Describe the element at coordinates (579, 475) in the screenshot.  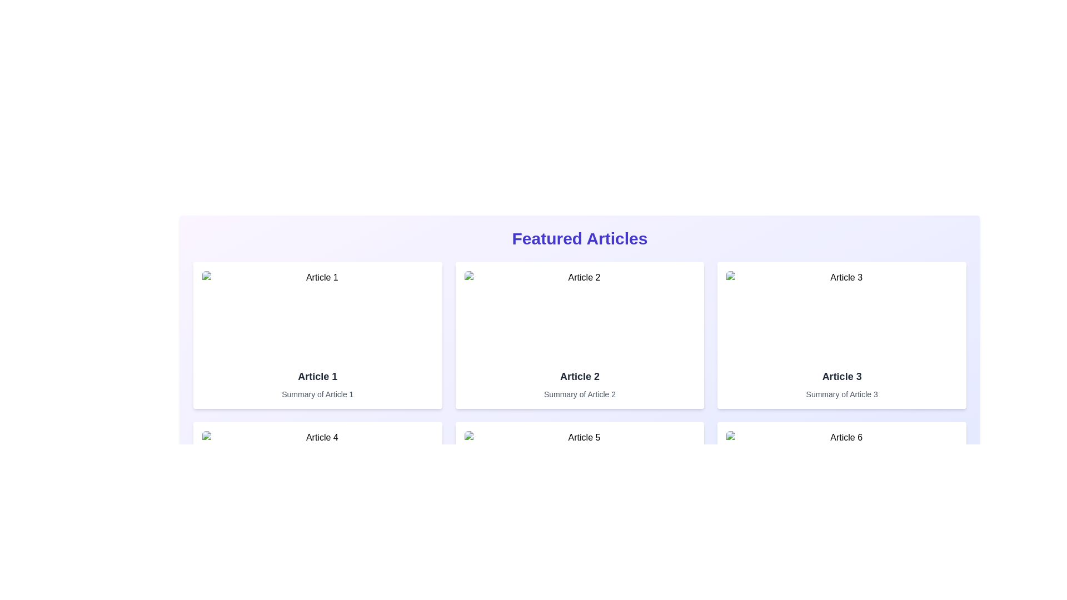
I see `the image with rounded corners and caption 'Article 5' located` at that location.